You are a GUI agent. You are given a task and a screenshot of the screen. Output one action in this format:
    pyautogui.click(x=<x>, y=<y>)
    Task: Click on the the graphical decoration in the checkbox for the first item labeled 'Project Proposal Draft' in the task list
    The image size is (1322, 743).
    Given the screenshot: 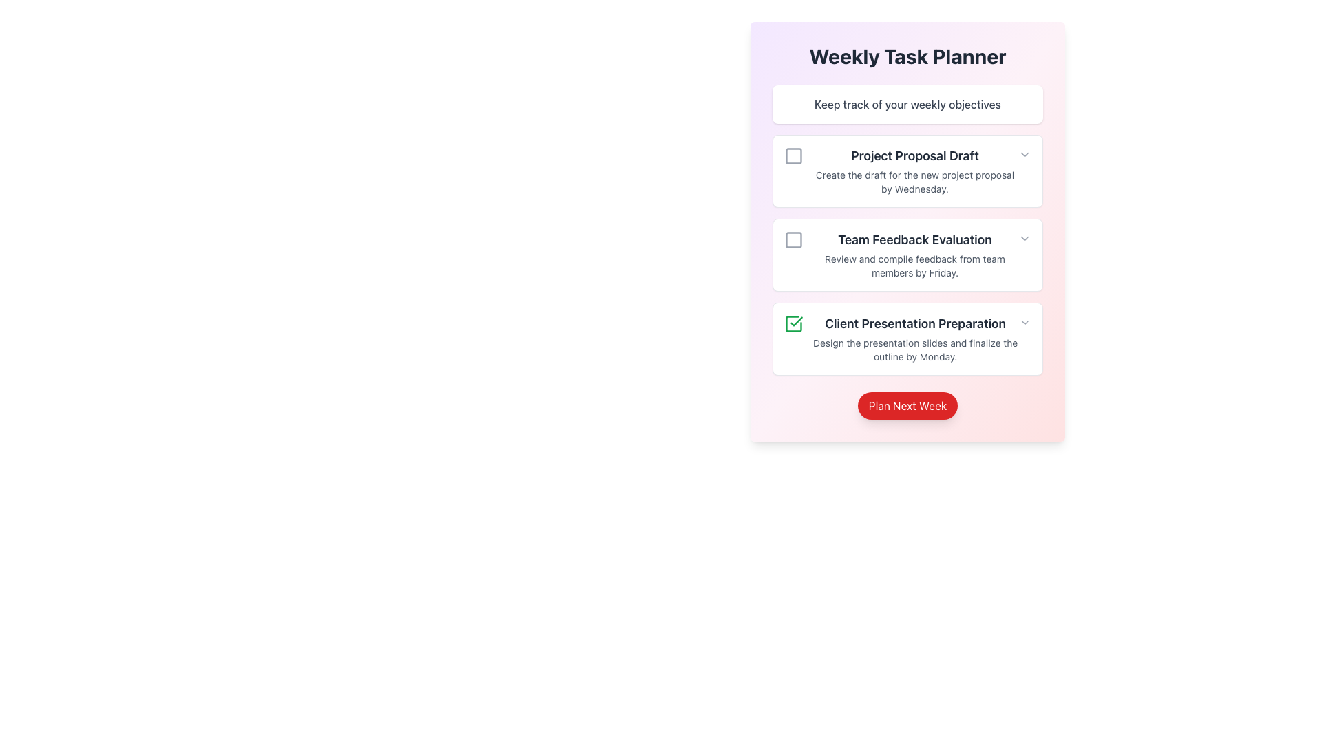 What is the action you would take?
    pyautogui.click(x=793, y=155)
    